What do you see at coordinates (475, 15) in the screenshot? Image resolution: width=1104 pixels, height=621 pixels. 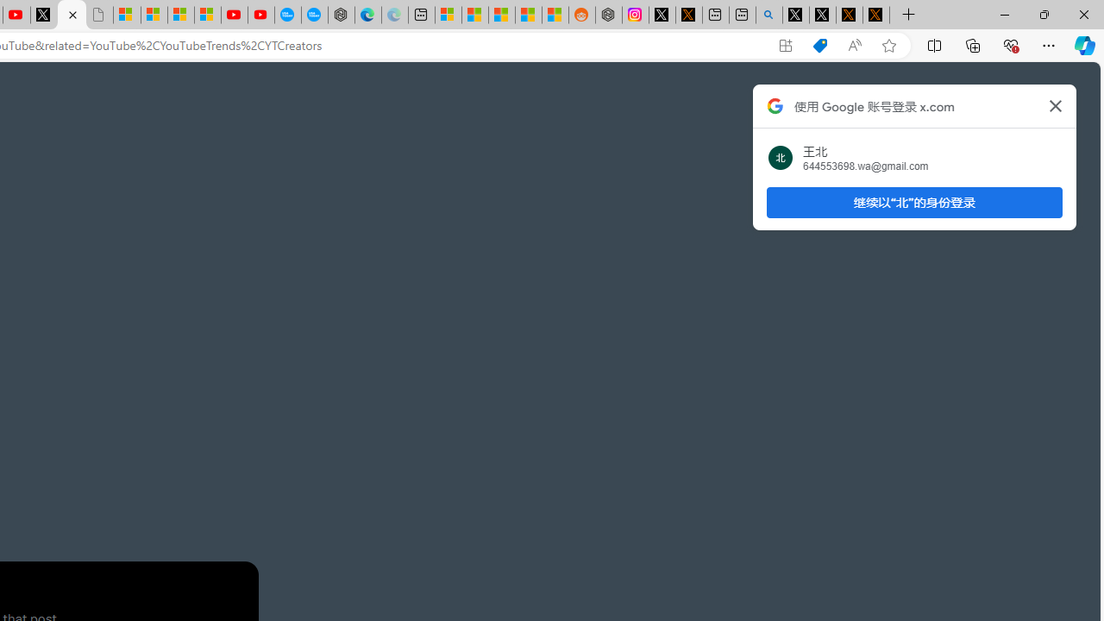 I see `'Shanghai, China weather forecast | Microsoft Weather'` at bounding box center [475, 15].